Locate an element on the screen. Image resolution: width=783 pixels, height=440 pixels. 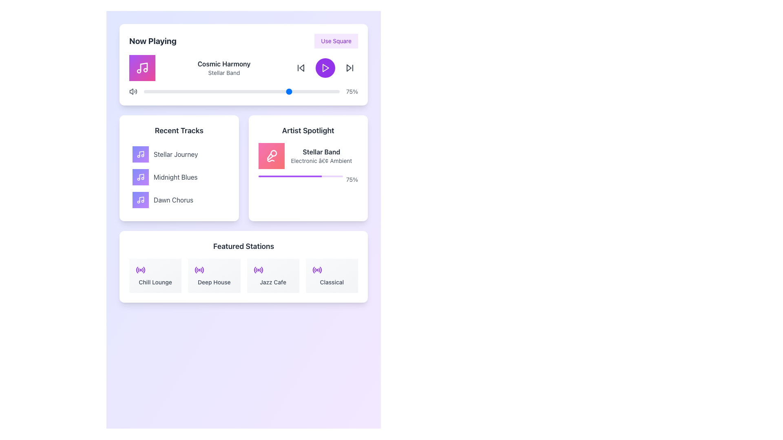
the slider is located at coordinates (321, 91).